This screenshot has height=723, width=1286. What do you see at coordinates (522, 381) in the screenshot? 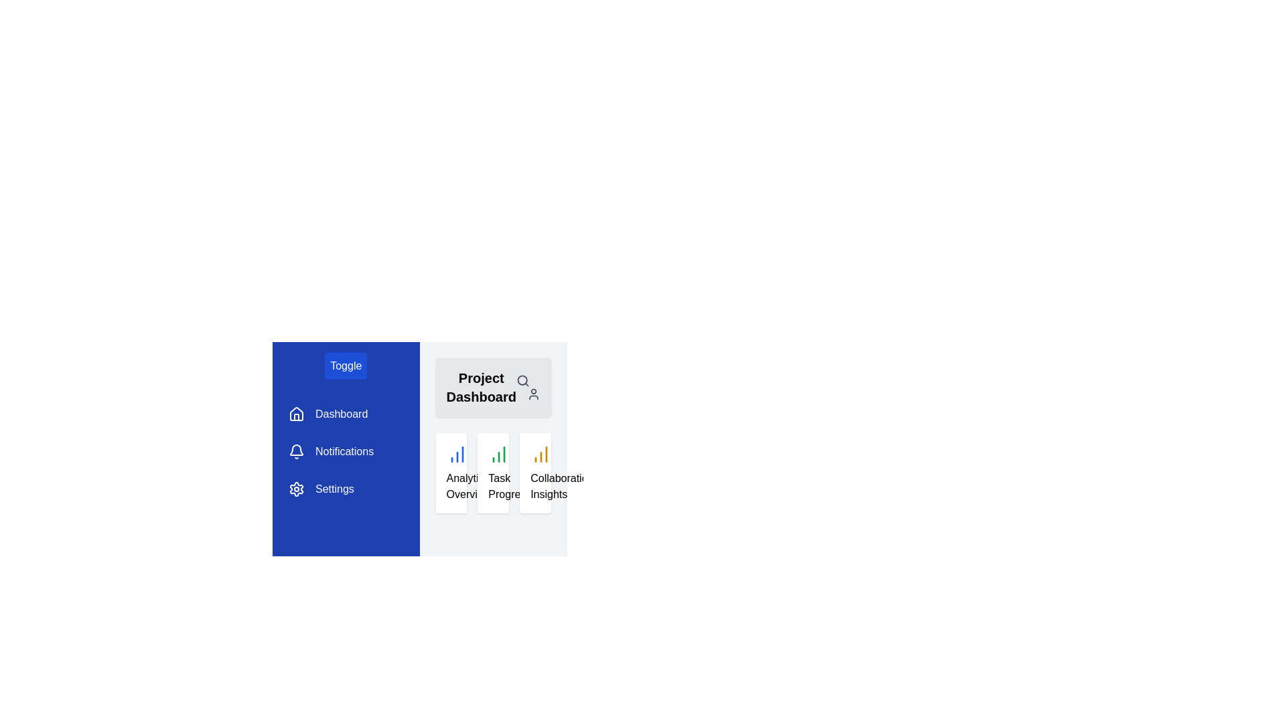
I see `the Search icon, which resembles a magnifying glass and is styled in gray with hover effects transitioning to black, located in the upper-right section next to the 'Project Dashboard' title` at bounding box center [522, 381].